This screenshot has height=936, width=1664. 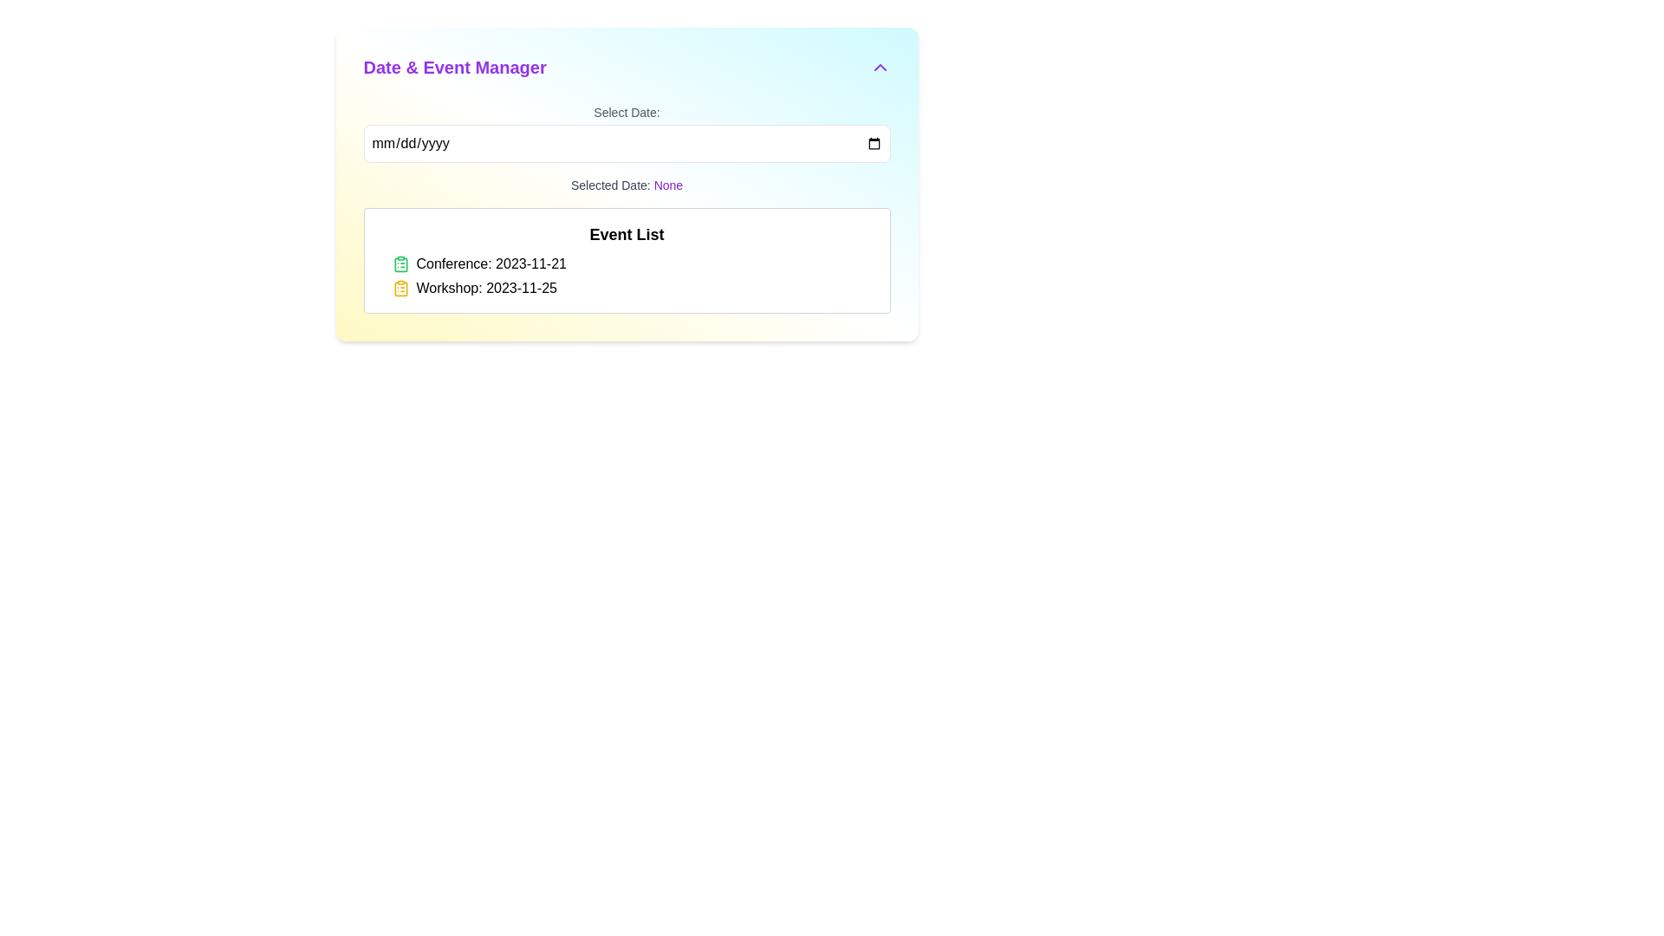 What do you see at coordinates (626, 234) in the screenshot?
I see `the heading label for the list of events, which is located within the white rectangular box at the top portion, centered above the bulleted list of events` at bounding box center [626, 234].